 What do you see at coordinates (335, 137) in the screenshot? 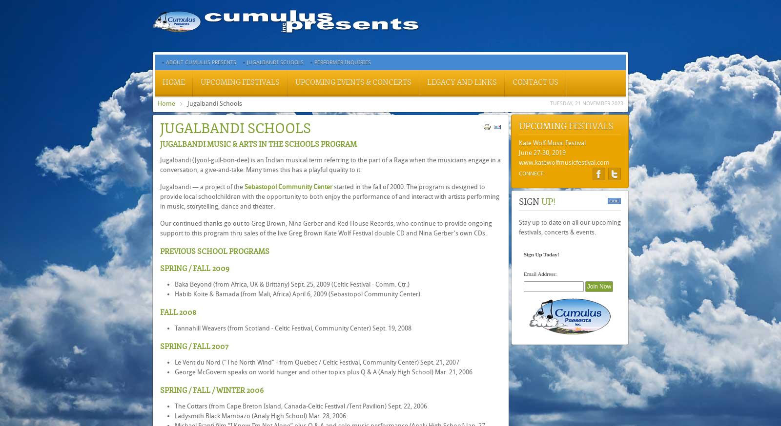
I see `'The Martin Hayes Quartet'` at bounding box center [335, 137].